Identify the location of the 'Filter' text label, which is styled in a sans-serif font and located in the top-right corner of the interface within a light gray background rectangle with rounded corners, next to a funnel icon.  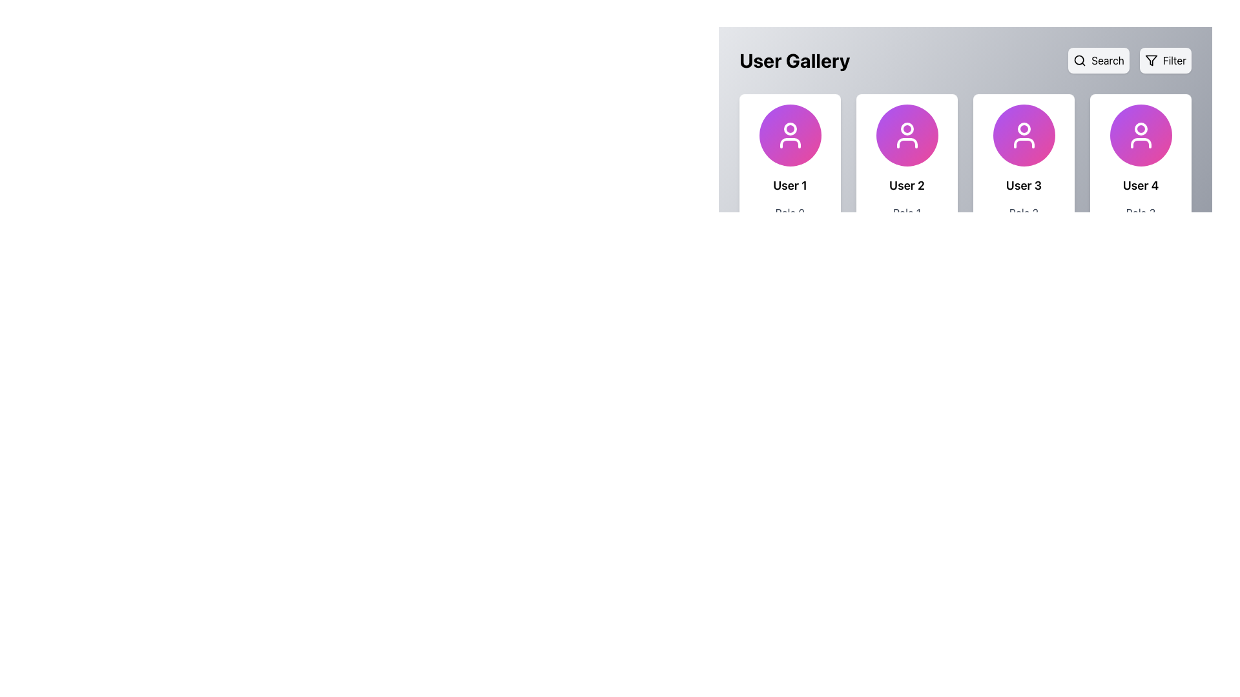
(1174, 60).